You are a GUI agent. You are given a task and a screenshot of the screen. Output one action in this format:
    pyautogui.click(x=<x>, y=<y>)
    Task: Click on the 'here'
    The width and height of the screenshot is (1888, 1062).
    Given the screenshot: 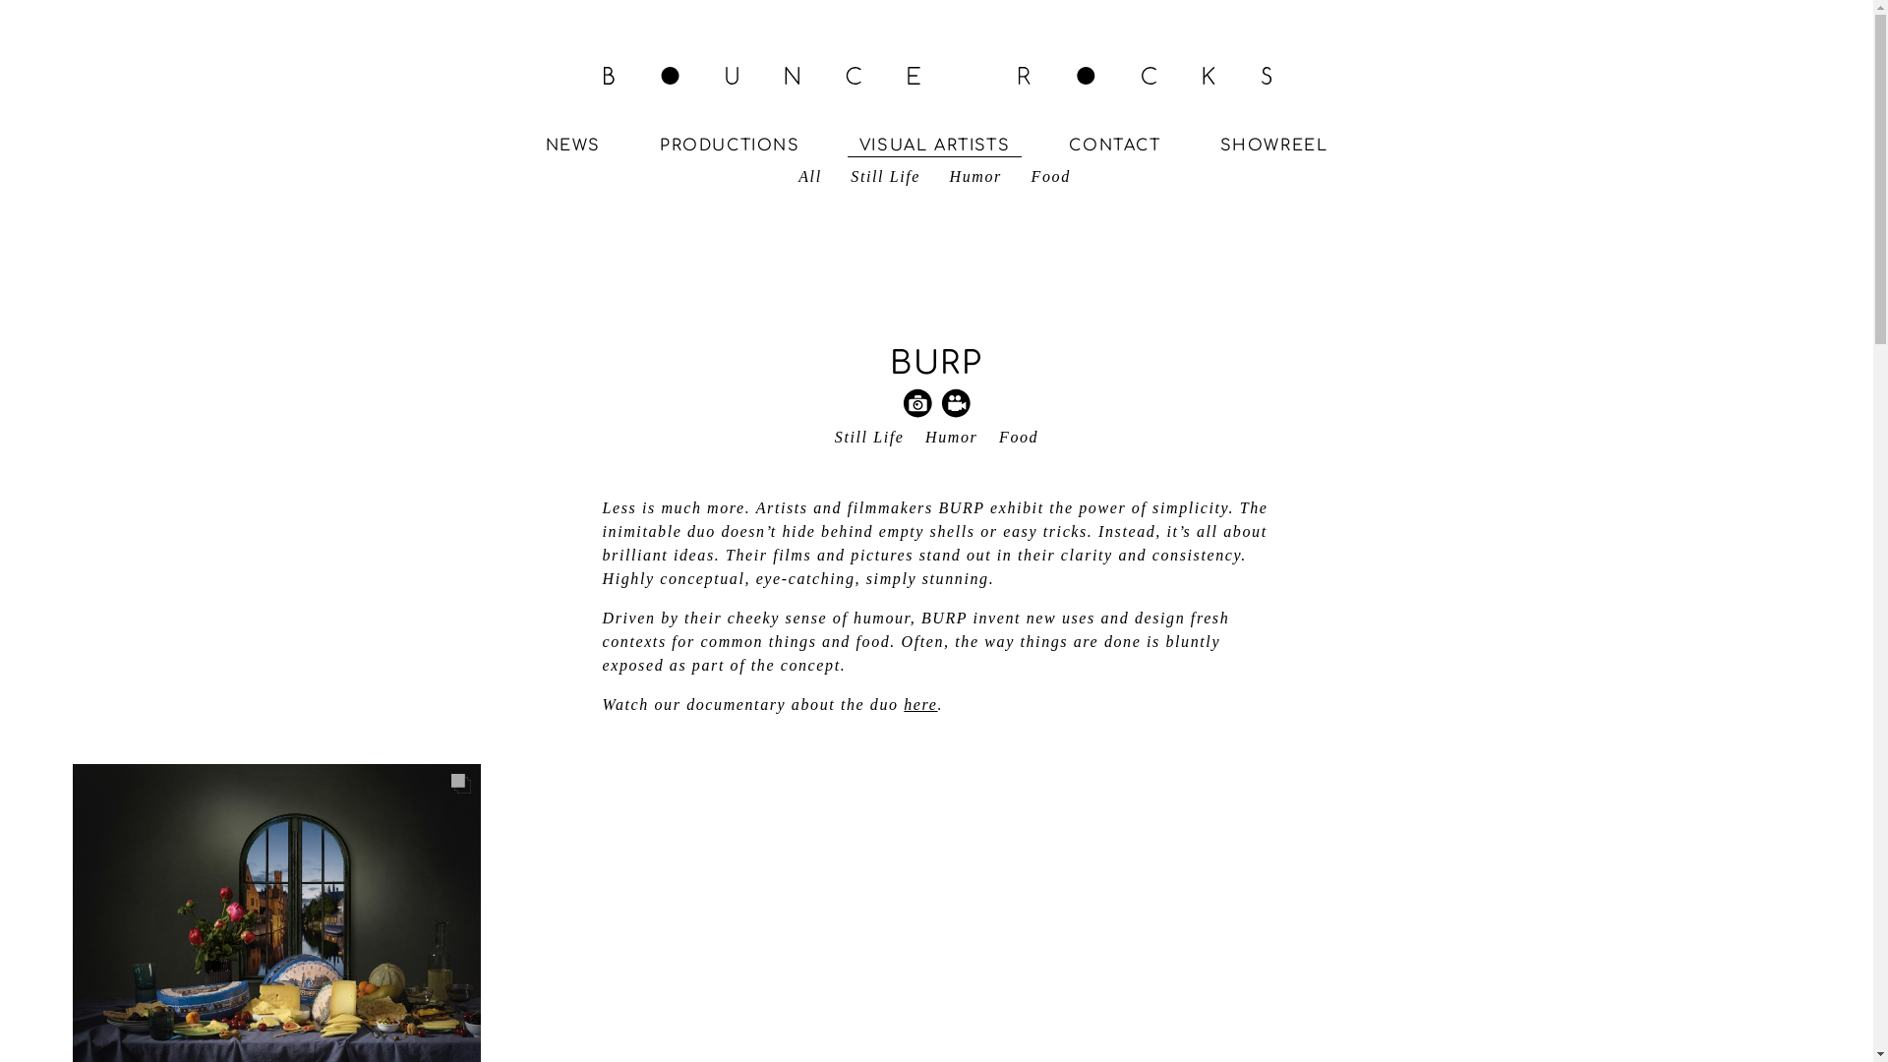 What is the action you would take?
    pyautogui.click(x=919, y=703)
    